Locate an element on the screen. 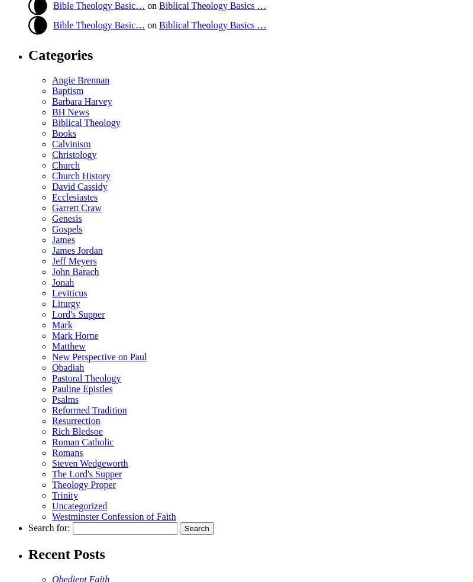 This screenshot has height=582, width=473. 'Church' is located at coordinates (65, 164).